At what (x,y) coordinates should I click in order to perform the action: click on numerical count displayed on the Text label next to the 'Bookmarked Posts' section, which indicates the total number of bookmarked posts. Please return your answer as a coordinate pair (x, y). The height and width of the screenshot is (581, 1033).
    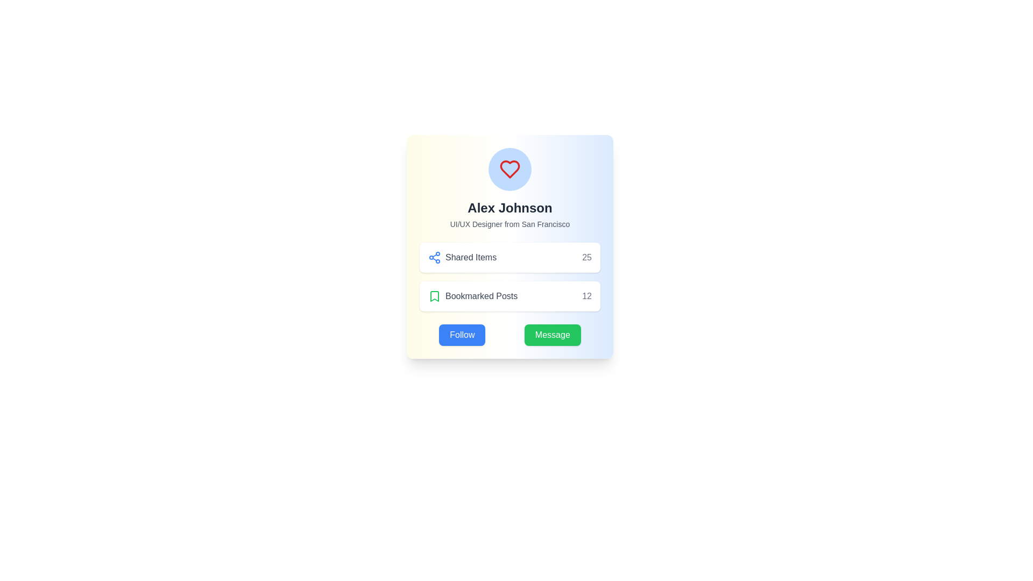
    Looking at the image, I should click on (586, 296).